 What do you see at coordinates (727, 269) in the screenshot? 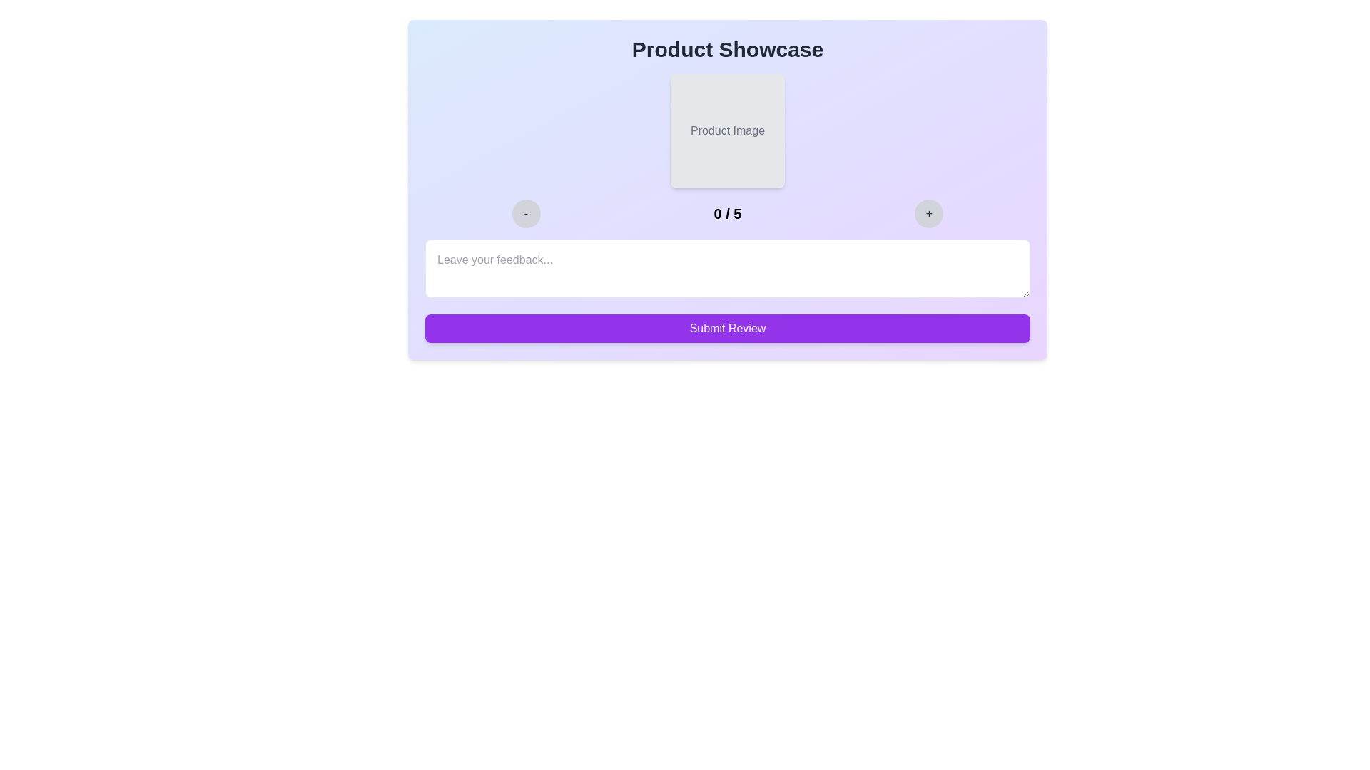
I see `the text area and type the feedback` at bounding box center [727, 269].